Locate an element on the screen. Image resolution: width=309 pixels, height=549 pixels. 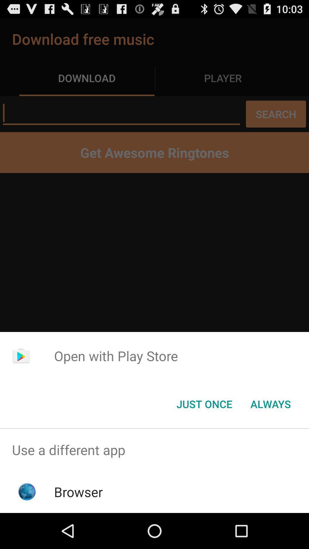
the browser icon is located at coordinates (78, 492).